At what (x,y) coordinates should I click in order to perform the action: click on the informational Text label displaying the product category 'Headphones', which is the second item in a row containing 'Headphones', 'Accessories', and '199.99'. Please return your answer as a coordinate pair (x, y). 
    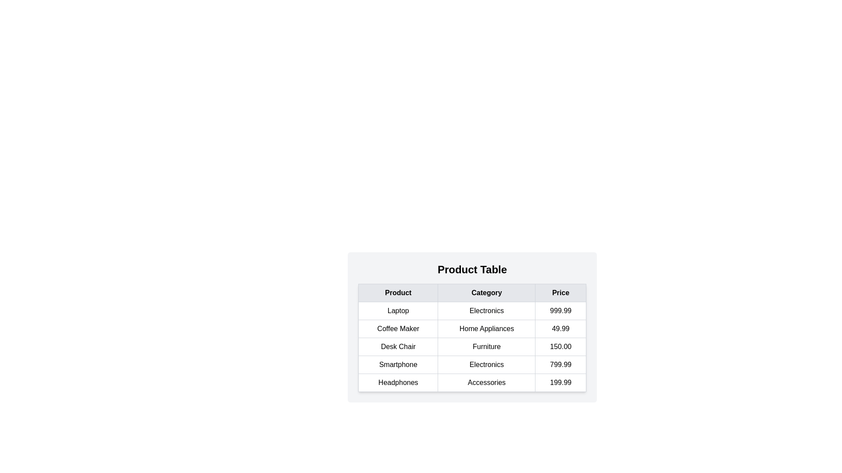
    Looking at the image, I should click on (486, 382).